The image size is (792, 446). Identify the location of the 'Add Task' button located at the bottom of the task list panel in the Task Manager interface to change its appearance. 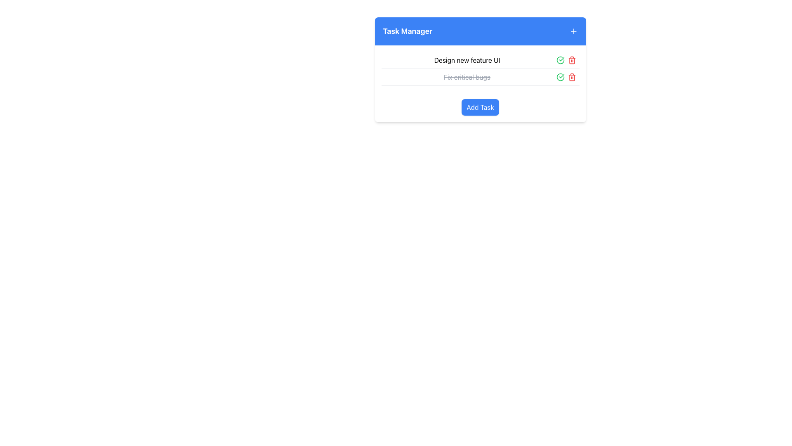
(480, 107).